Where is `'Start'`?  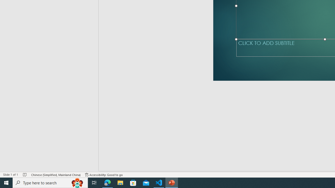
'Start' is located at coordinates (6, 182).